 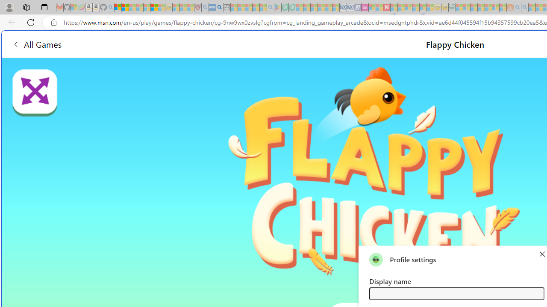 What do you see at coordinates (36, 44) in the screenshot?
I see `'All Games'` at bounding box center [36, 44].